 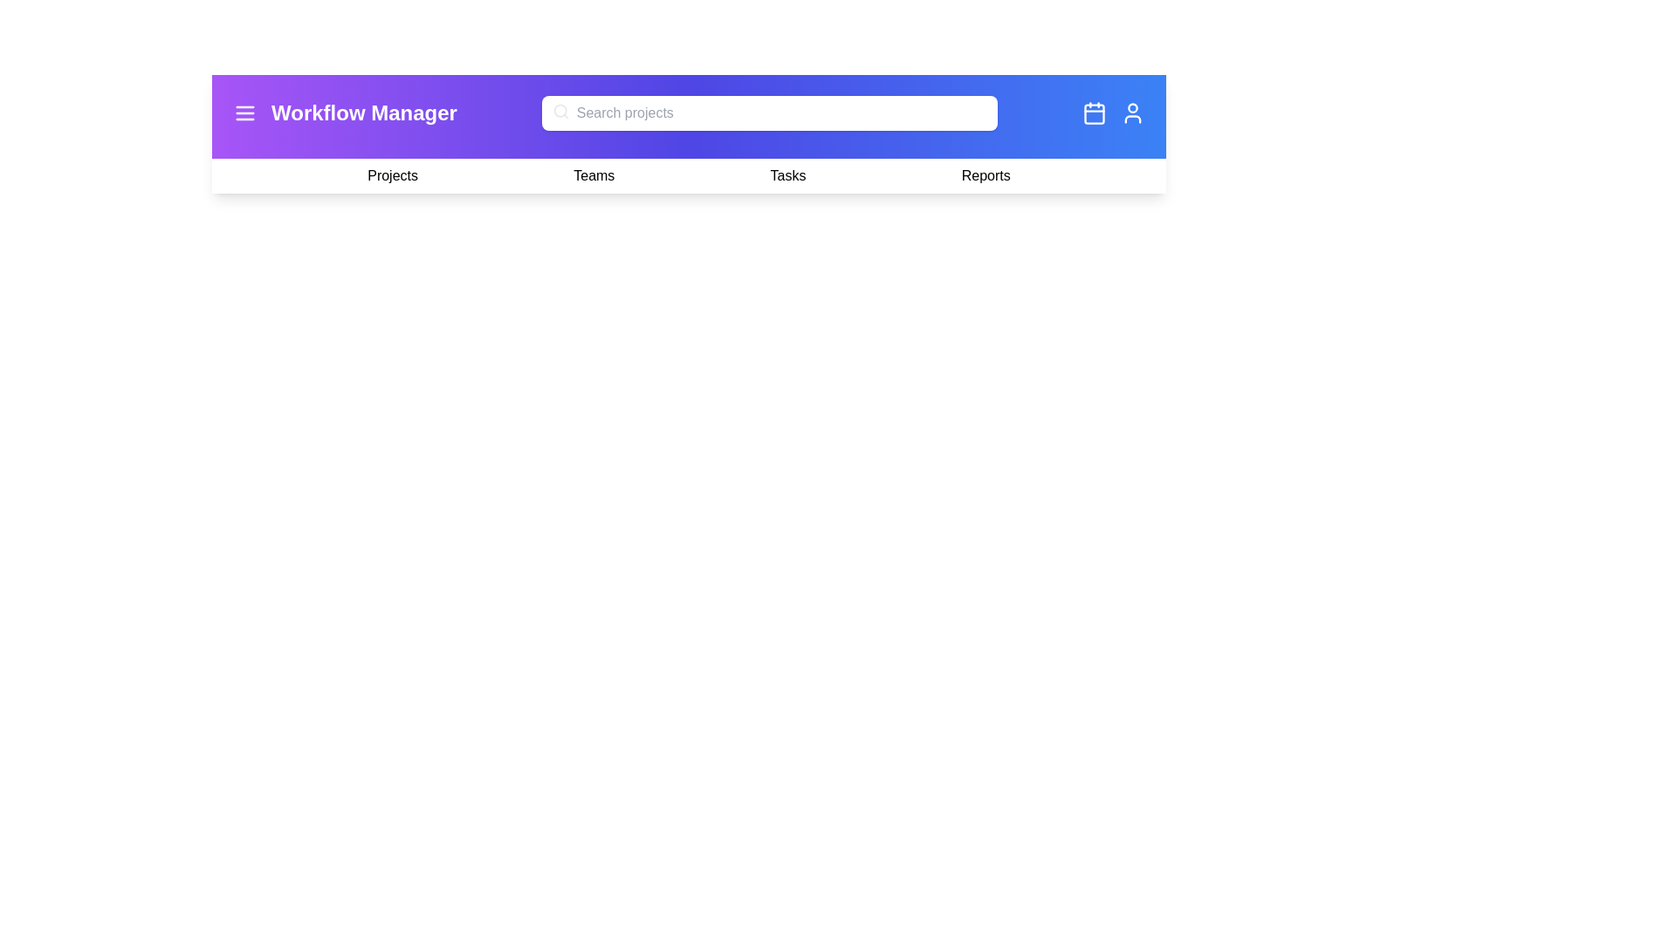 I want to click on the navigation link to navigate to the Projects section, so click(x=392, y=175).